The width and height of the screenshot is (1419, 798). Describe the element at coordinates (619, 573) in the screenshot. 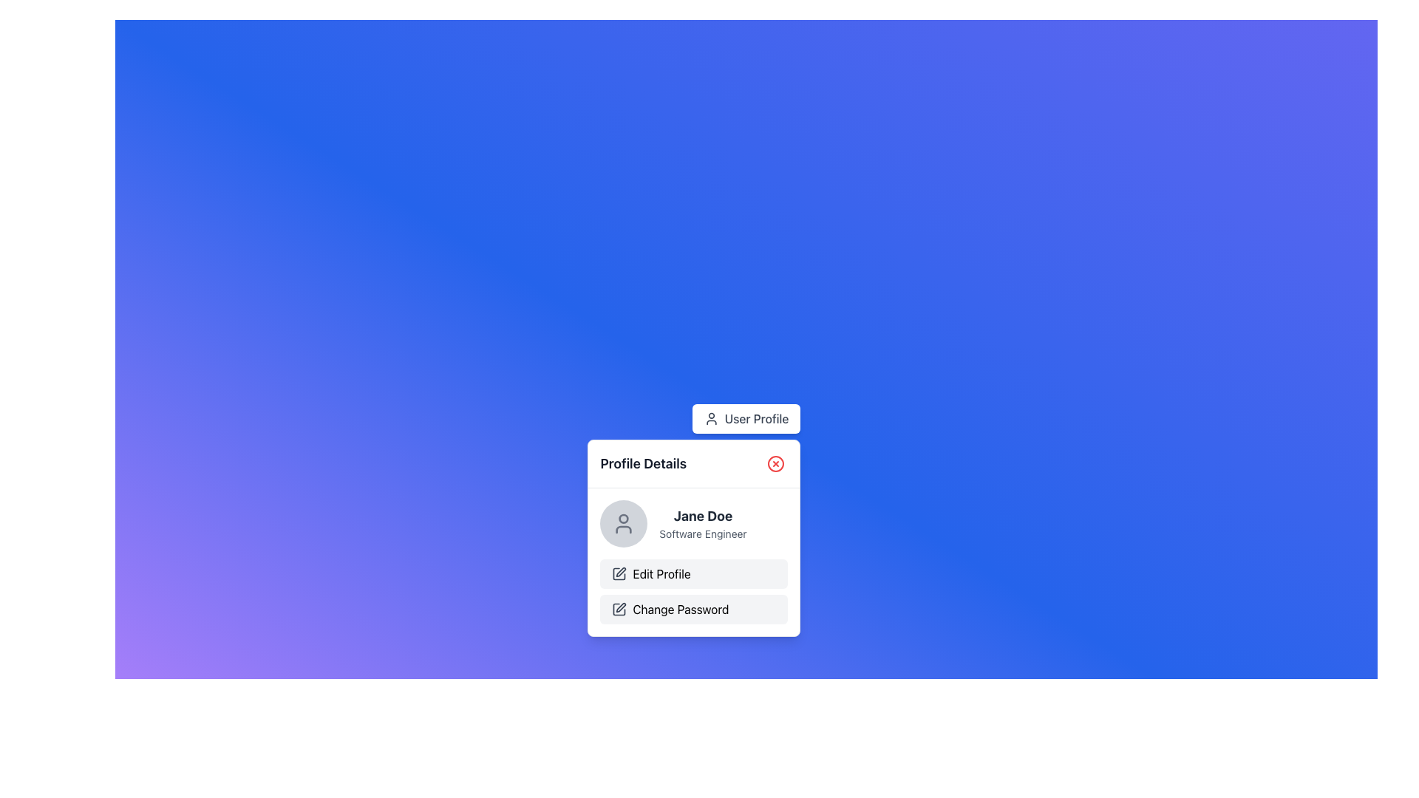

I see `the 'Edit Profile' icon located in the second row of the profile options under the 'Profile Details' section, positioned to the left of the 'Edit Profile' text` at that location.